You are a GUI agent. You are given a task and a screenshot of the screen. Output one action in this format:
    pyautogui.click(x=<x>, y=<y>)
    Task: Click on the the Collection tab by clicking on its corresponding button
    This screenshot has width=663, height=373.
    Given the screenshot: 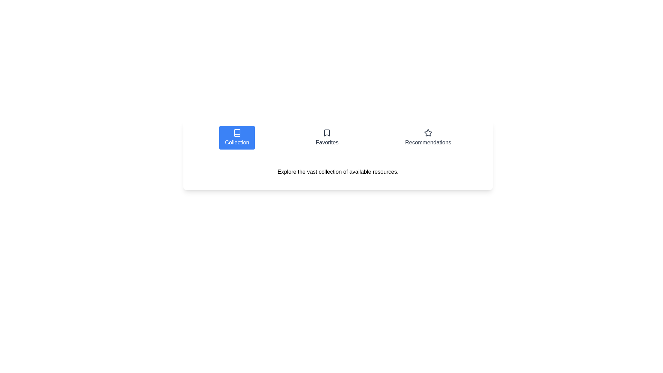 What is the action you would take?
    pyautogui.click(x=237, y=137)
    